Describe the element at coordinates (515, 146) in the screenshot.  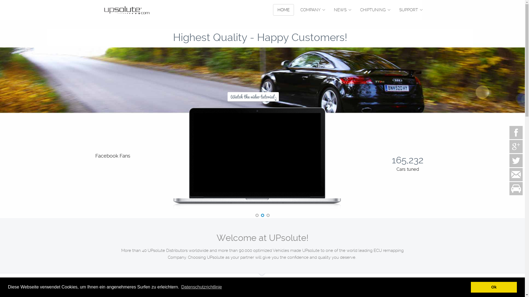
I see `'Google+'` at that location.